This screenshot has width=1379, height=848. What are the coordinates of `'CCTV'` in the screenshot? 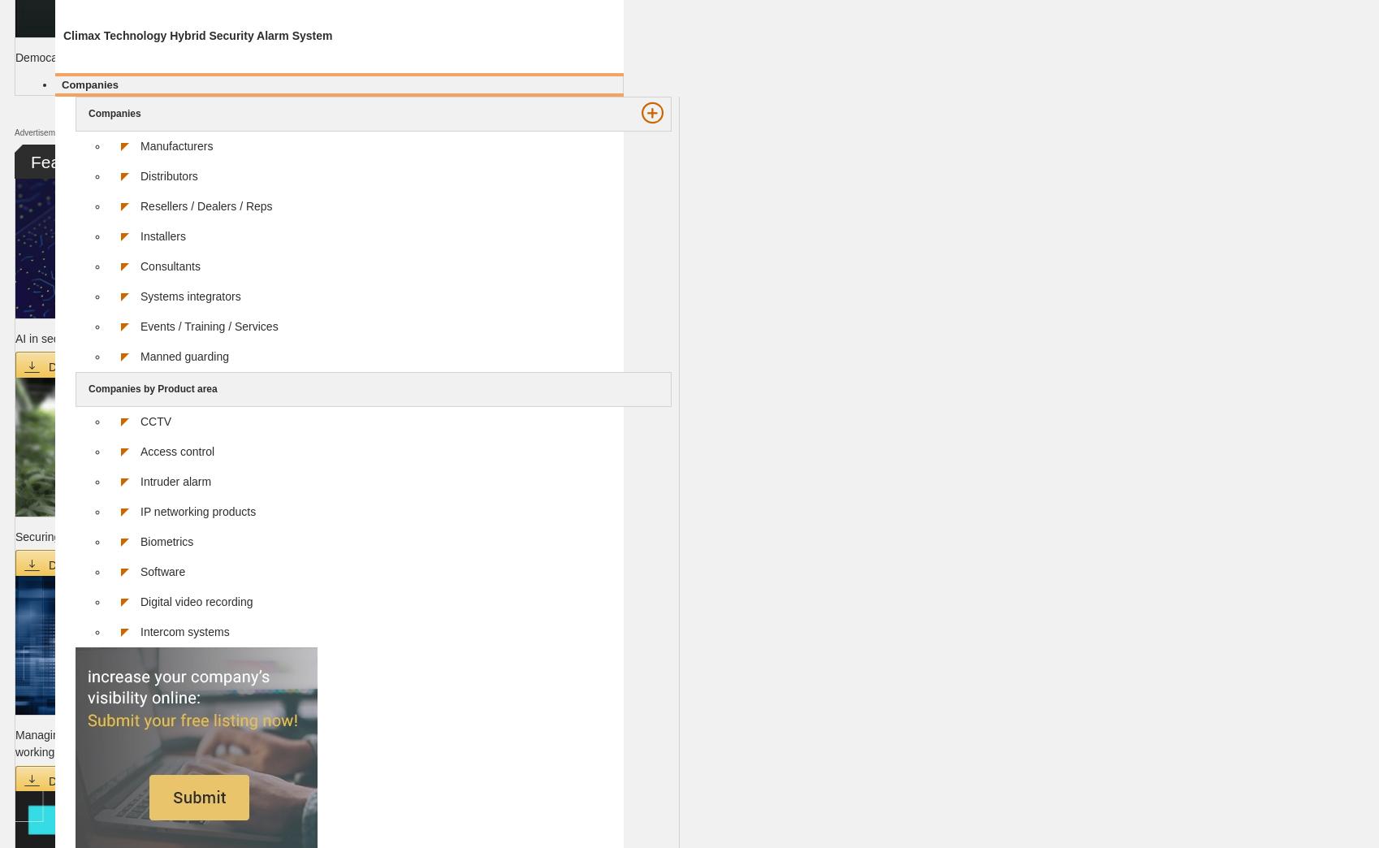 It's located at (156, 421).